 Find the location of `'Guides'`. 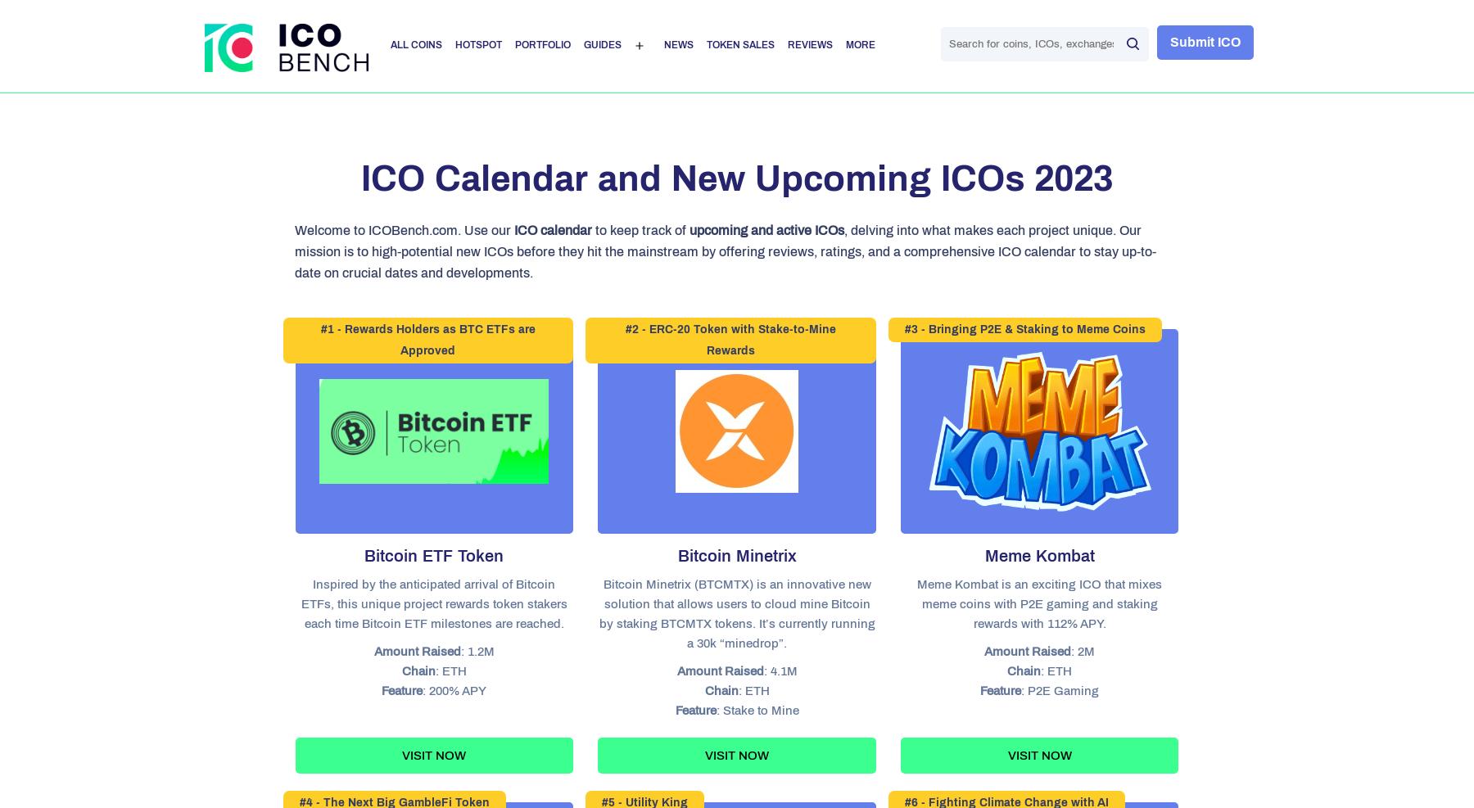

'Guides' is located at coordinates (600, 43).